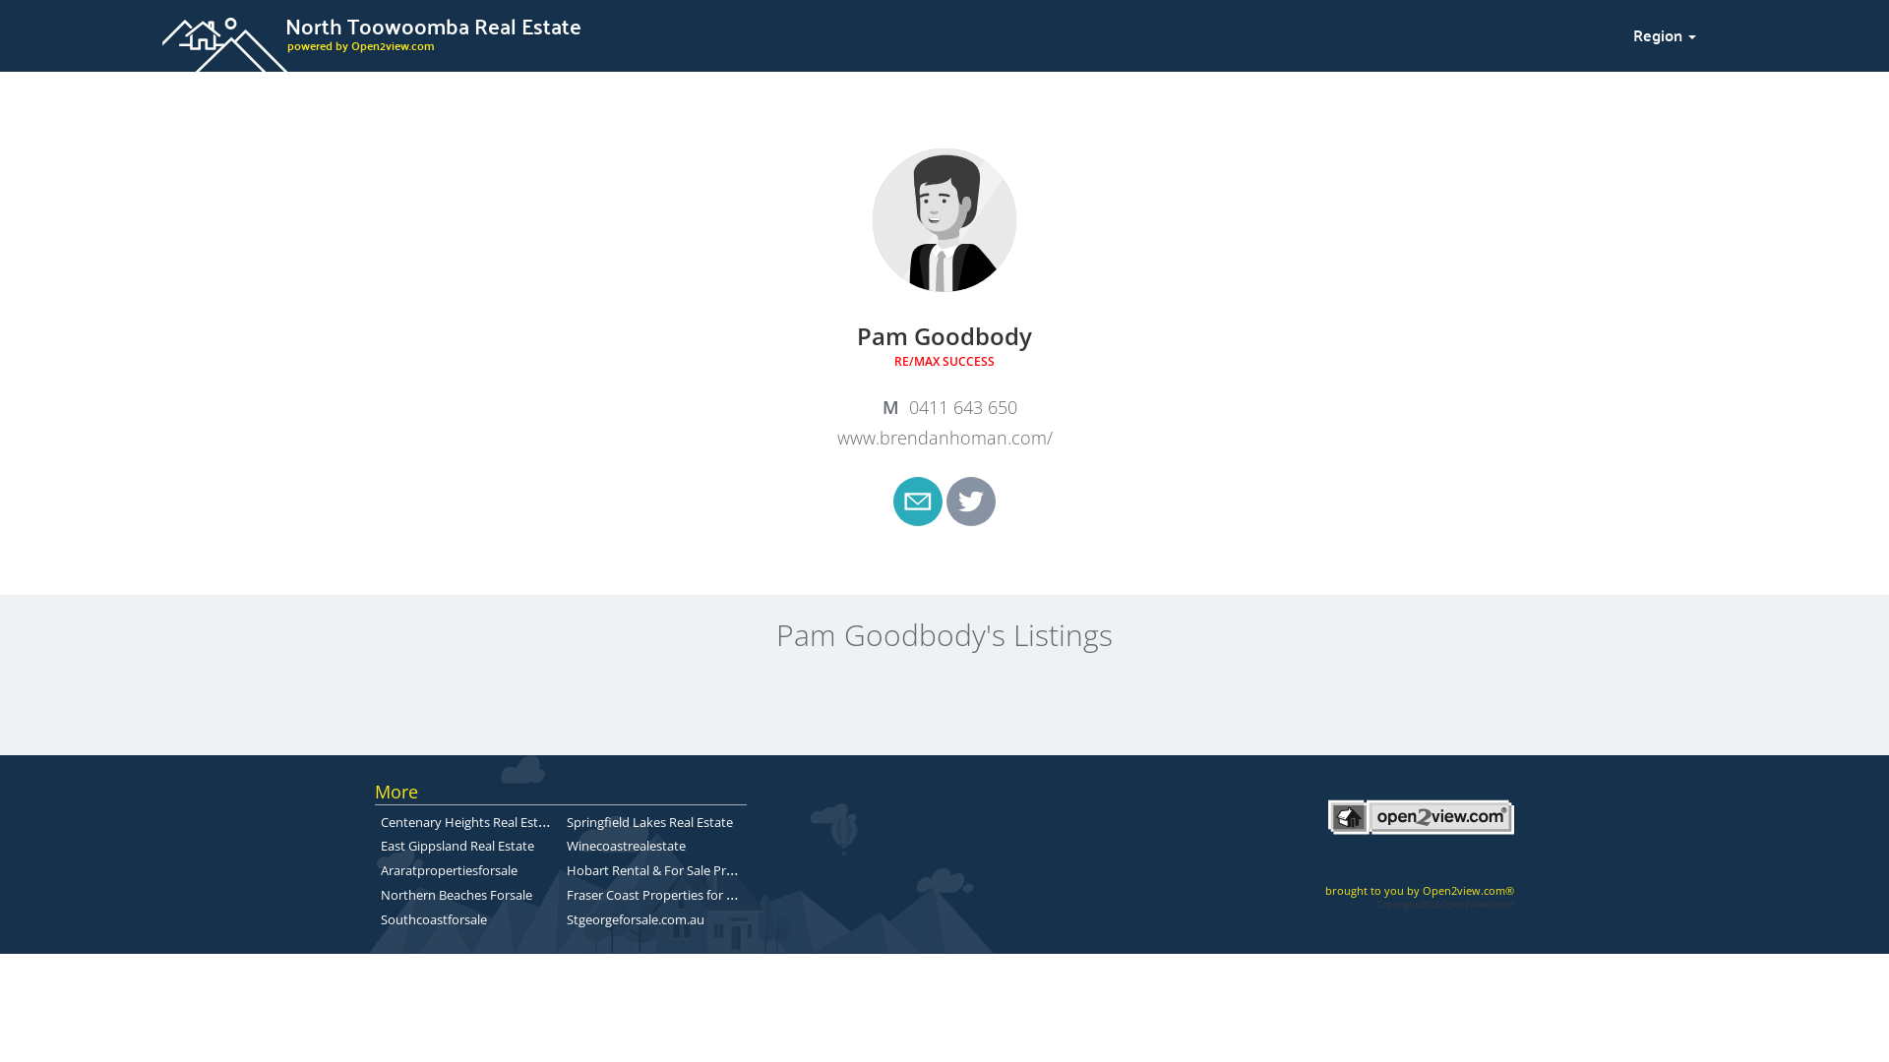  Describe the element at coordinates (566, 845) in the screenshot. I see `'Winecoastrealestate'` at that location.